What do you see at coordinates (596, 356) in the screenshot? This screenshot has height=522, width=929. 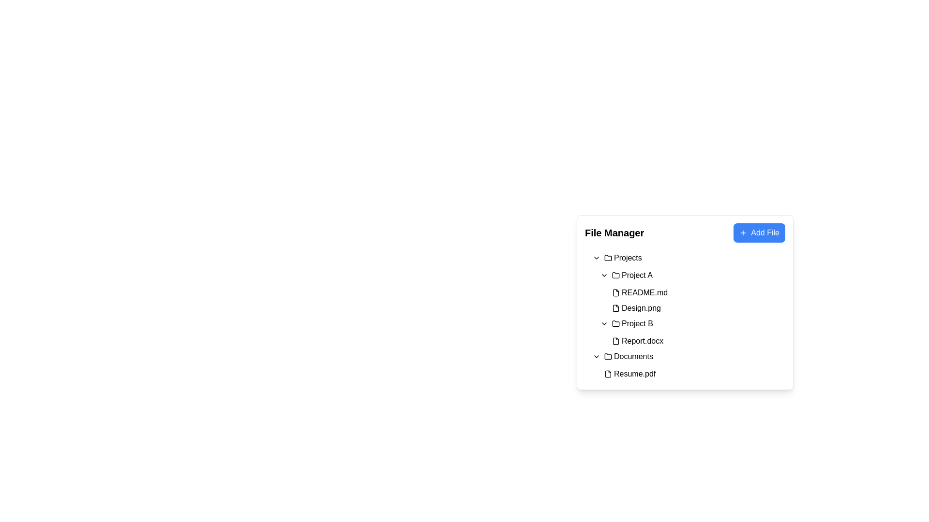 I see `the inverted triangular chevron icon` at bounding box center [596, 356].